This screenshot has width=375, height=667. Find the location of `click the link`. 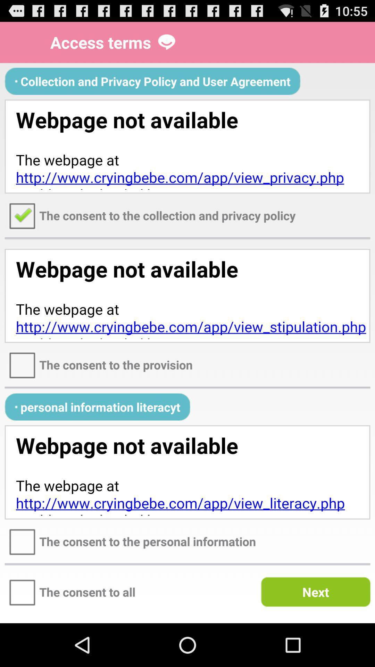

click the link is located at coordinates (187, 146).